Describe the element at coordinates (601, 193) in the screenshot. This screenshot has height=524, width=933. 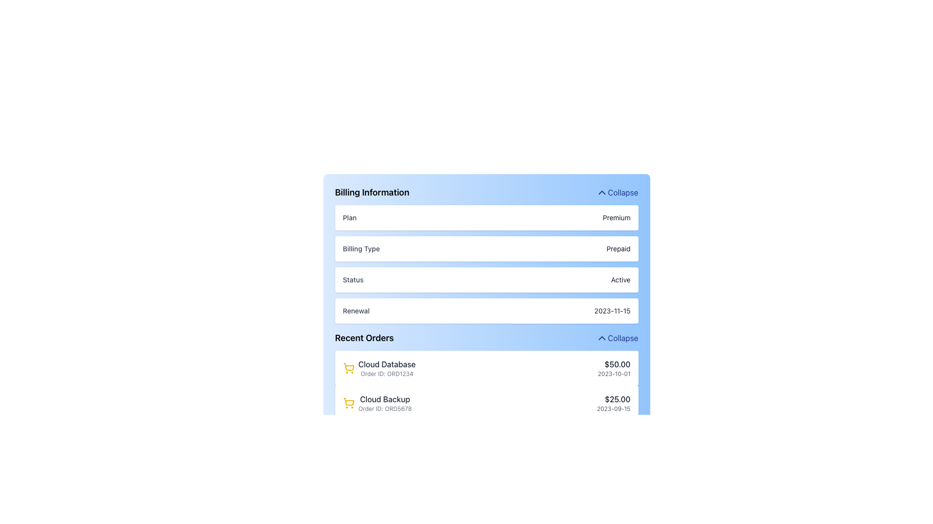
I see `the upward-pointing Chevron icon located at the top-right corner of the 'Billing Information' section` at that location.